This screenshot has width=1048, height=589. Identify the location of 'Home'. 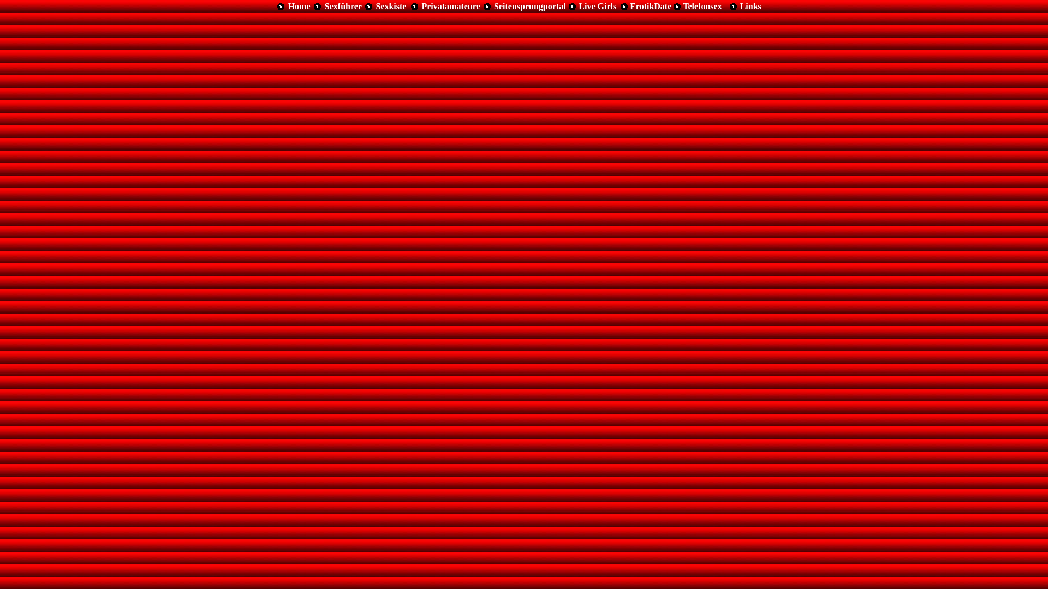
(299, 6).